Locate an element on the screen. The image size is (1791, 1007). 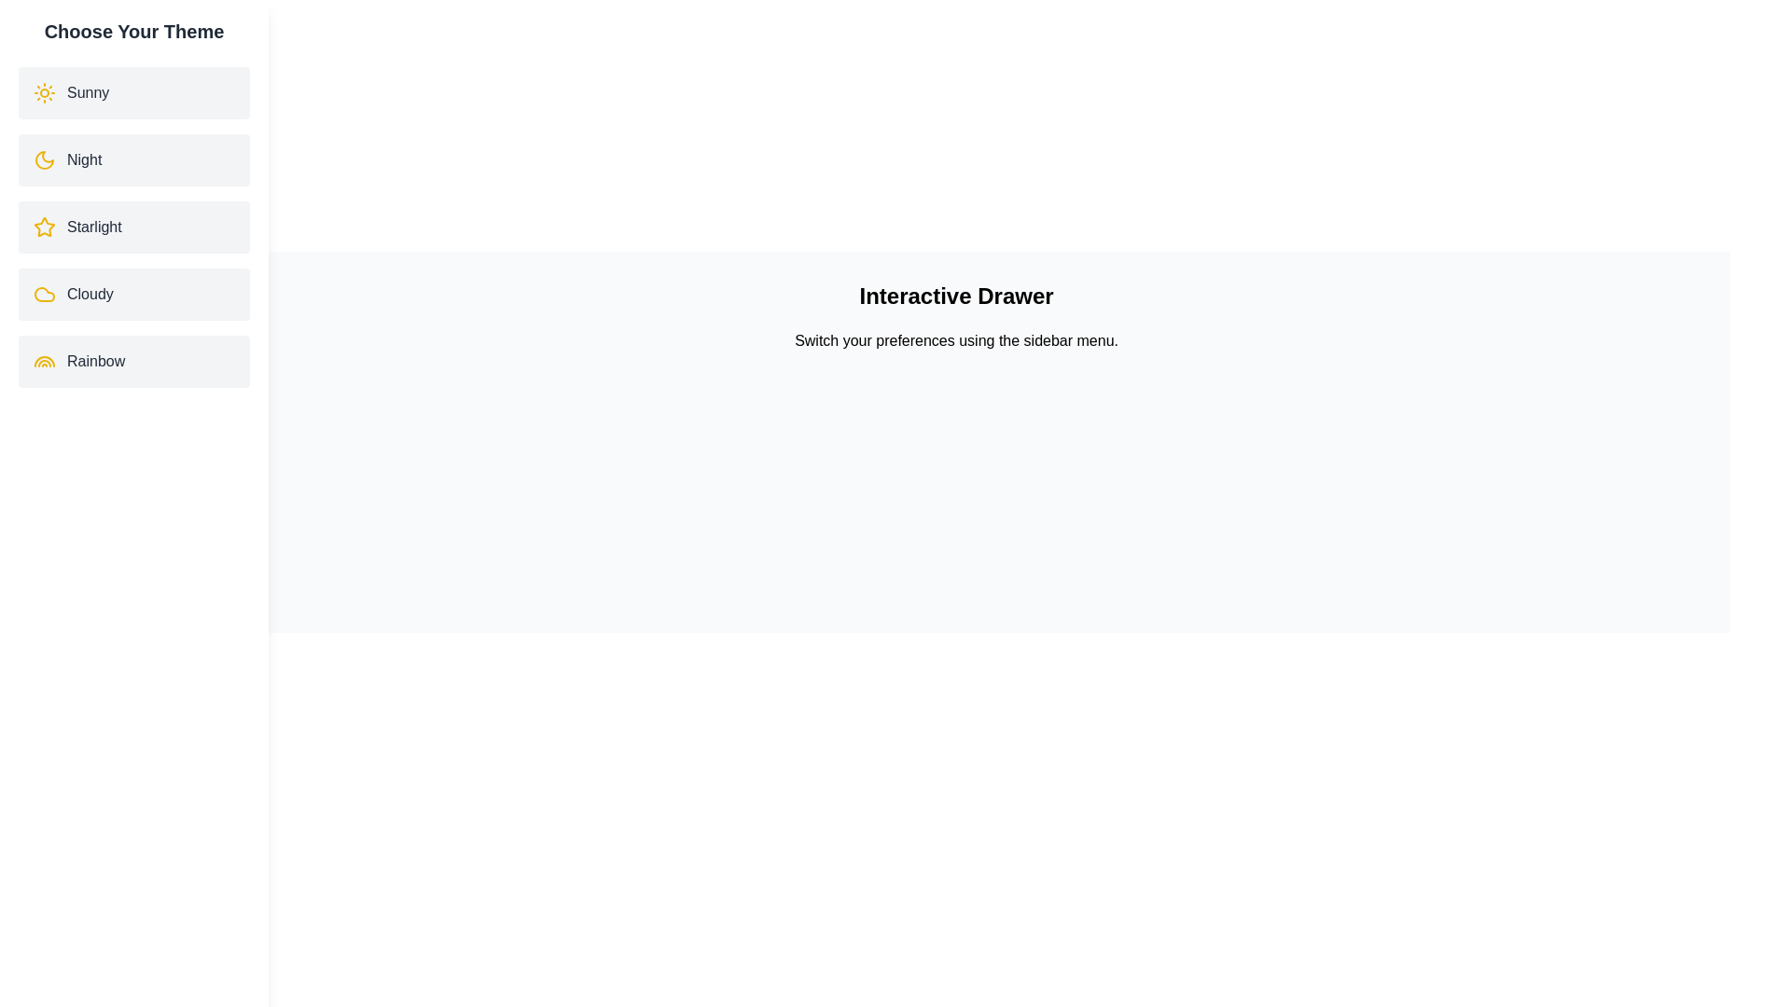
the theme item Sunny to observe its hover effect is located at coordinates (133, 93).